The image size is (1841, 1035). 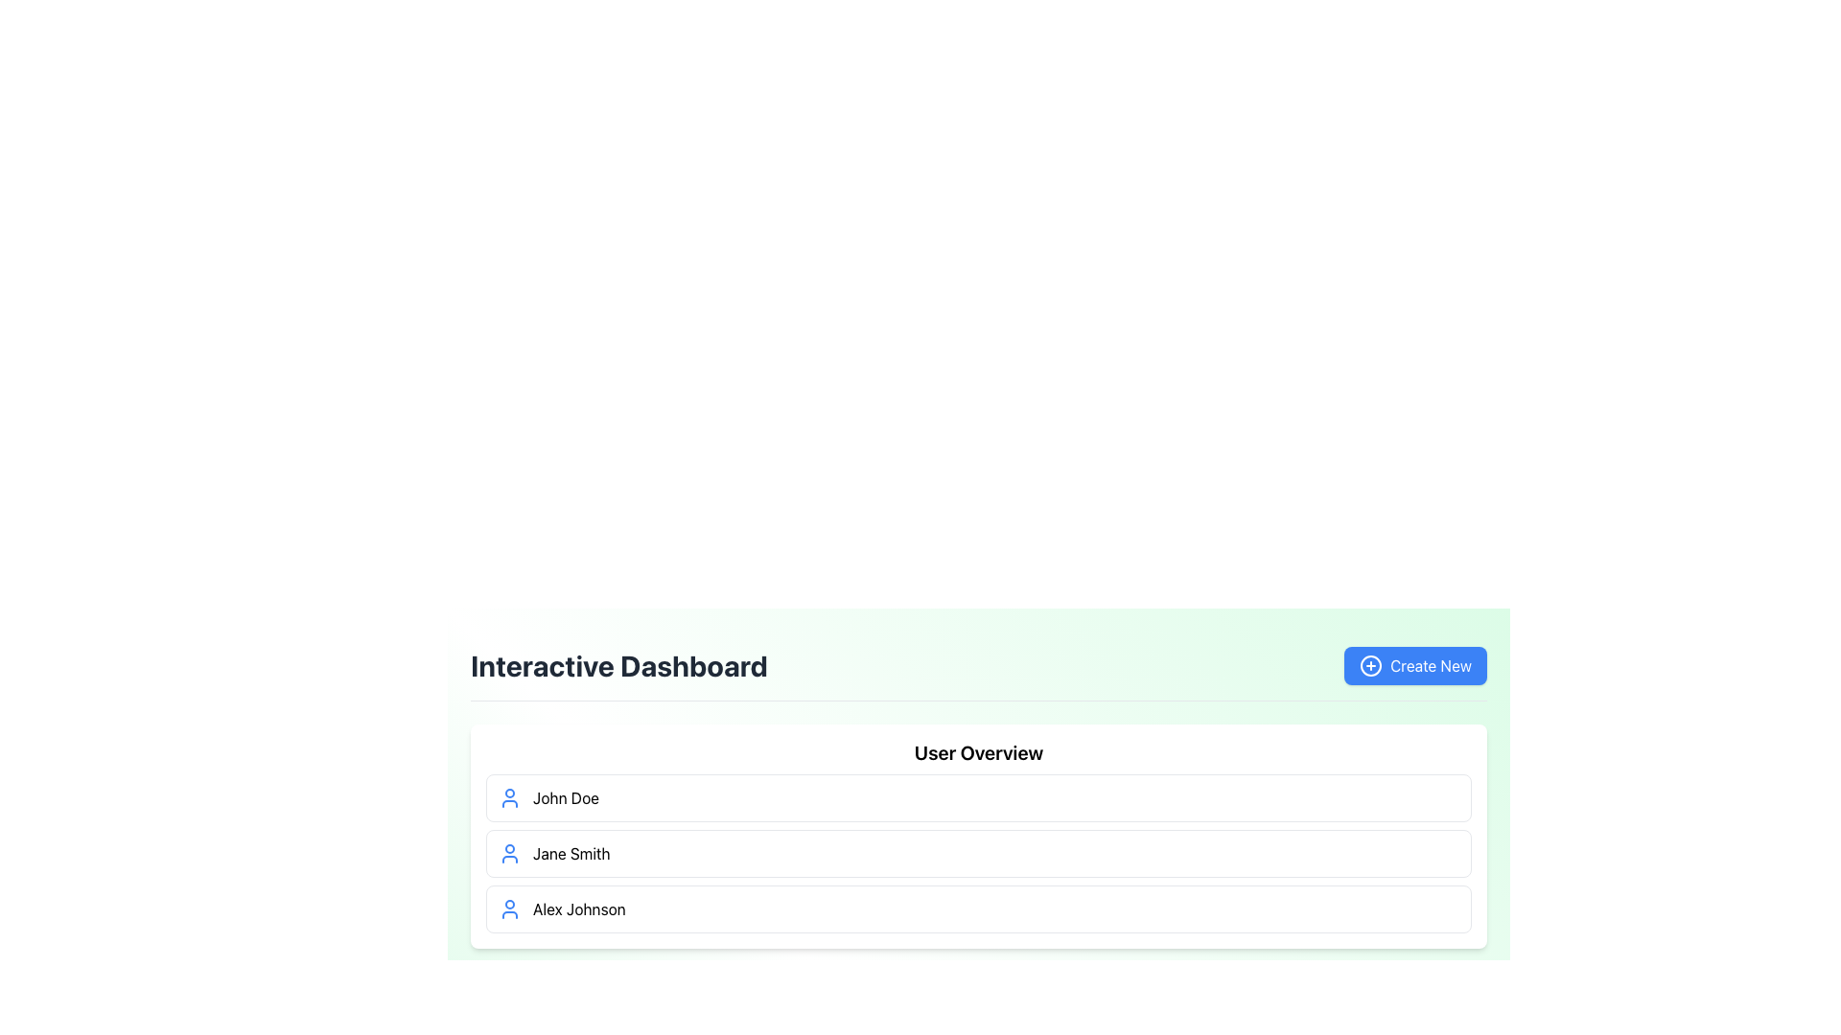 What do you see at coordinates (979, 798) in the screenshot?
I see `the first list item representing the user 'John Doe' in the 'User Overview' section` at bounding box center [979, 798].